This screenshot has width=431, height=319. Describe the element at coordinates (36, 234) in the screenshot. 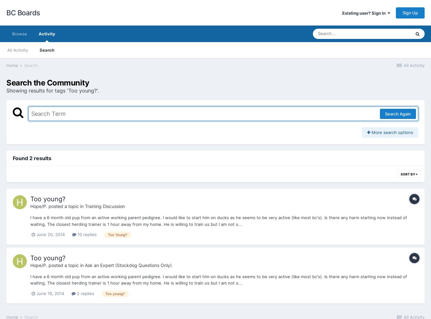

I see `'June 20, 2014'` at that location.